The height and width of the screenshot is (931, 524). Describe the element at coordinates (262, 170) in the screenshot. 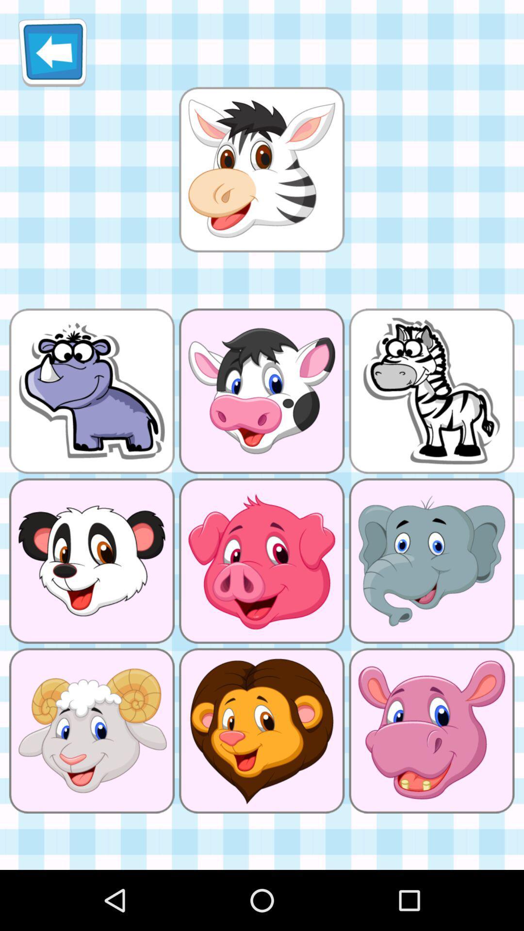

I see `the first image` at that location.